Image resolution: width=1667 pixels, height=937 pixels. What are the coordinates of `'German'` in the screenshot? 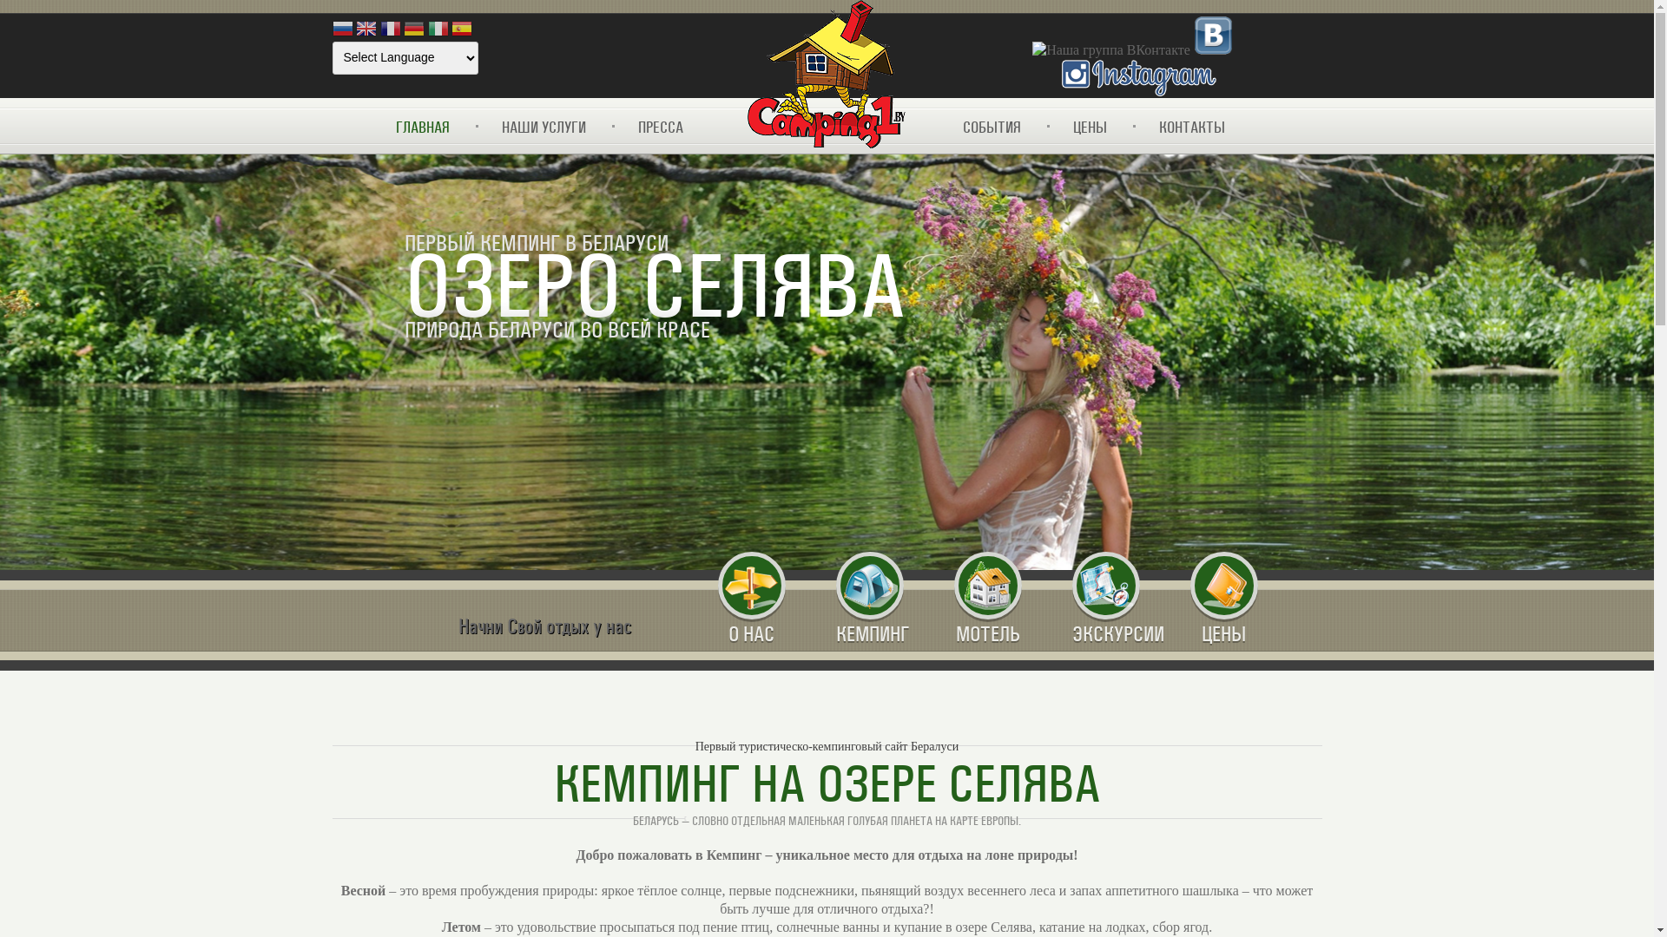 It's located at (403, 29).